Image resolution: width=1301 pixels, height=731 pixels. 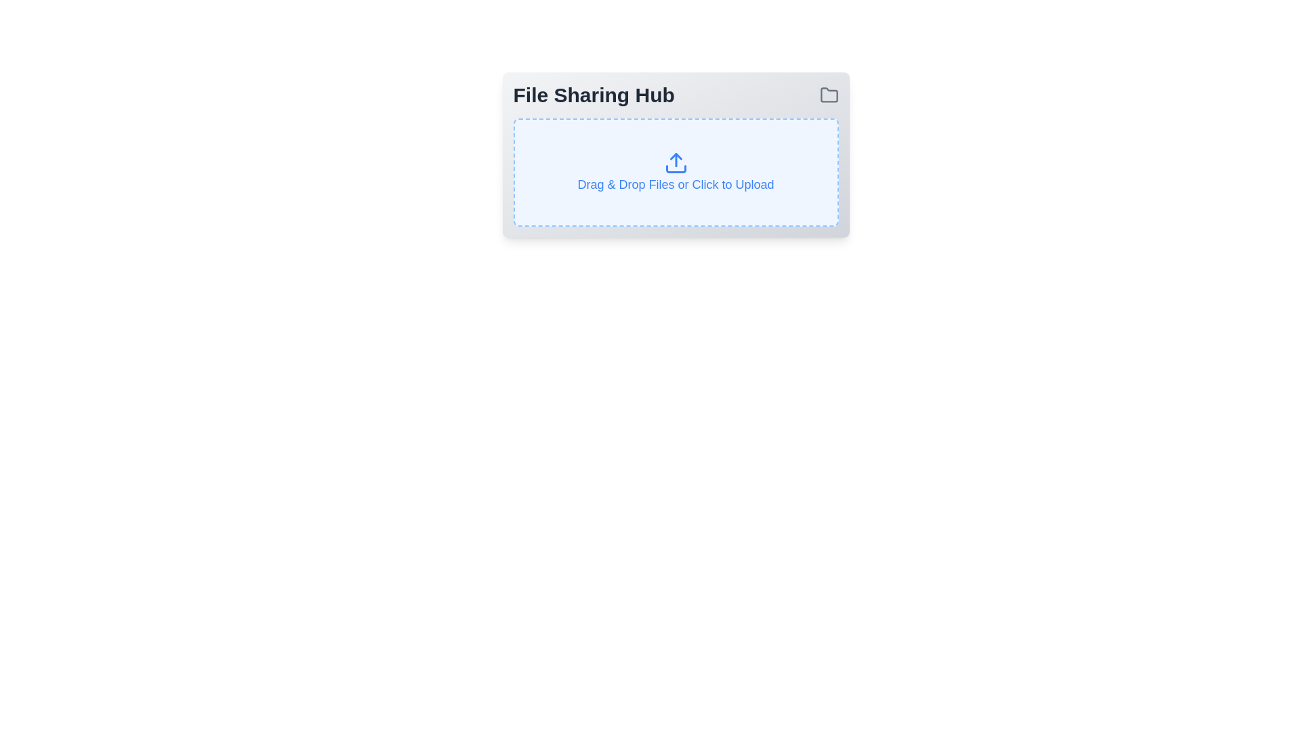 What do you see at coordinates (676, 95) in the screenshot?
I see `the purpose of the section` at bounding box center [676, 95].